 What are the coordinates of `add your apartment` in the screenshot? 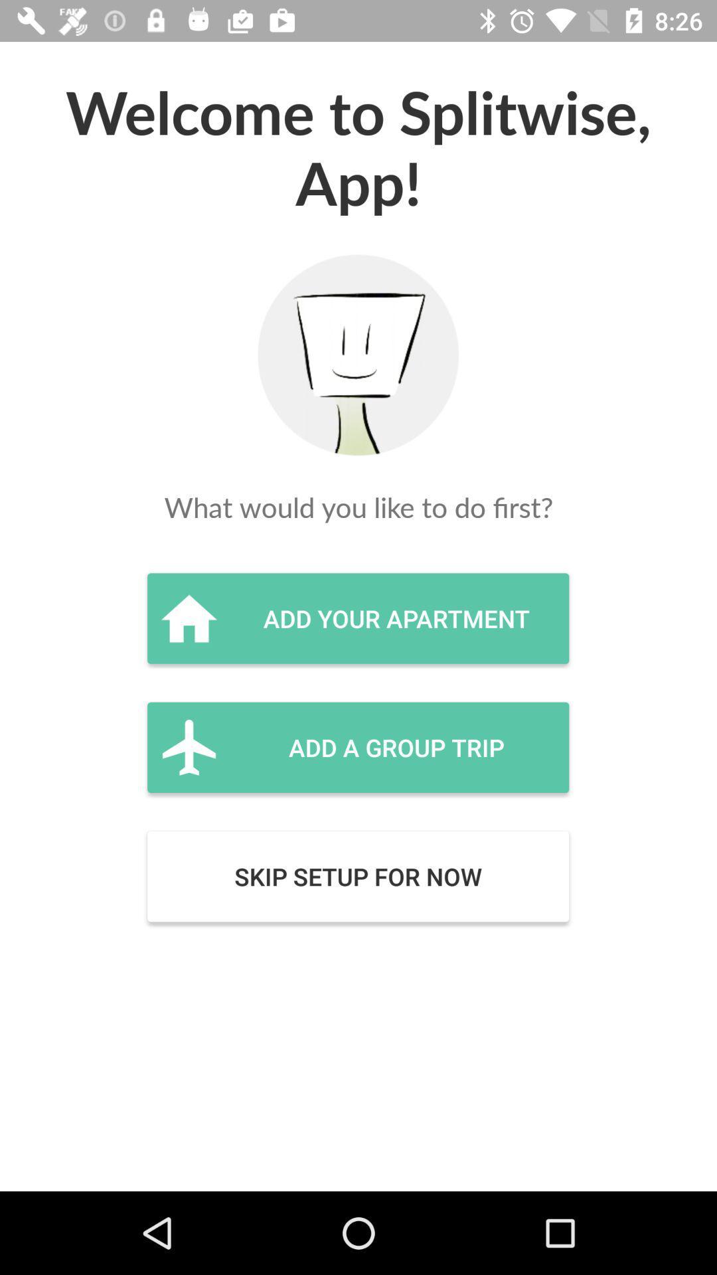 It's located at (357, 618).